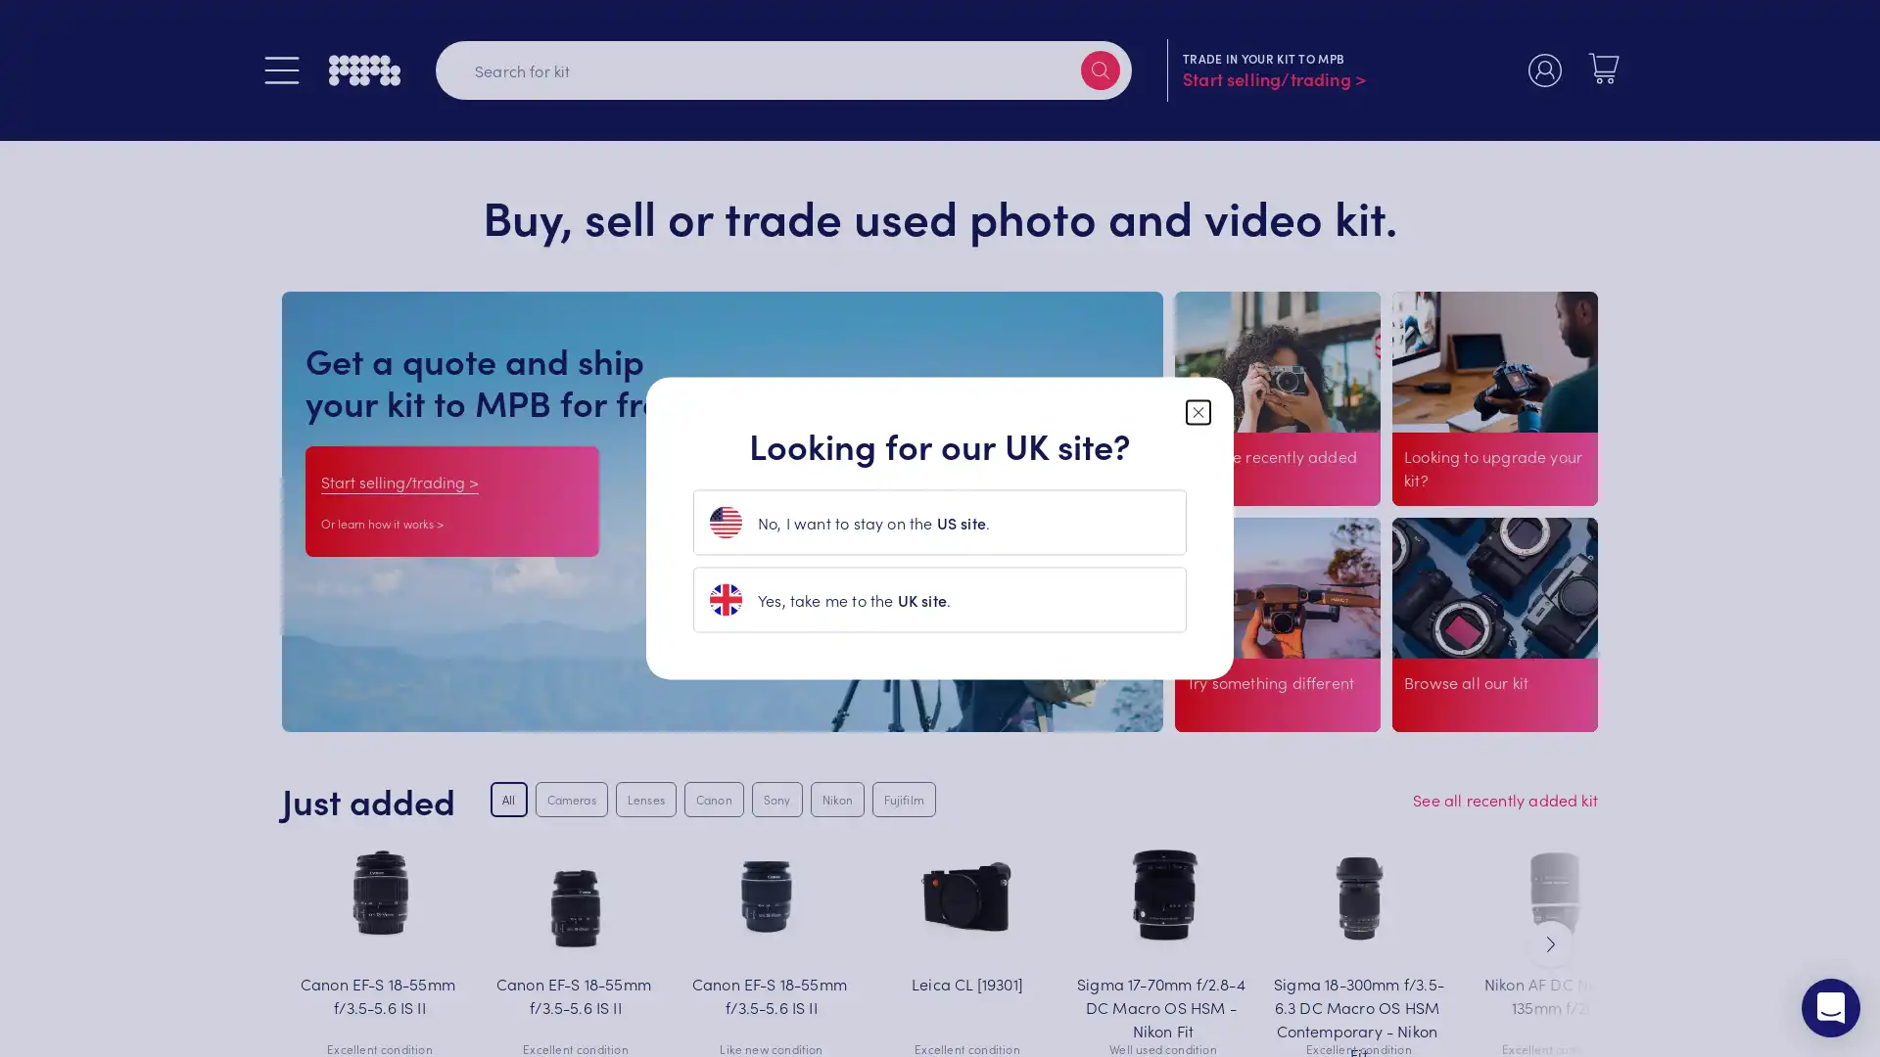 This screenshot has width=1880, height=1057. What do you see at coordinates (281, 69) in the screenshot?
I see `Menu` at bounding box center [281, 69].